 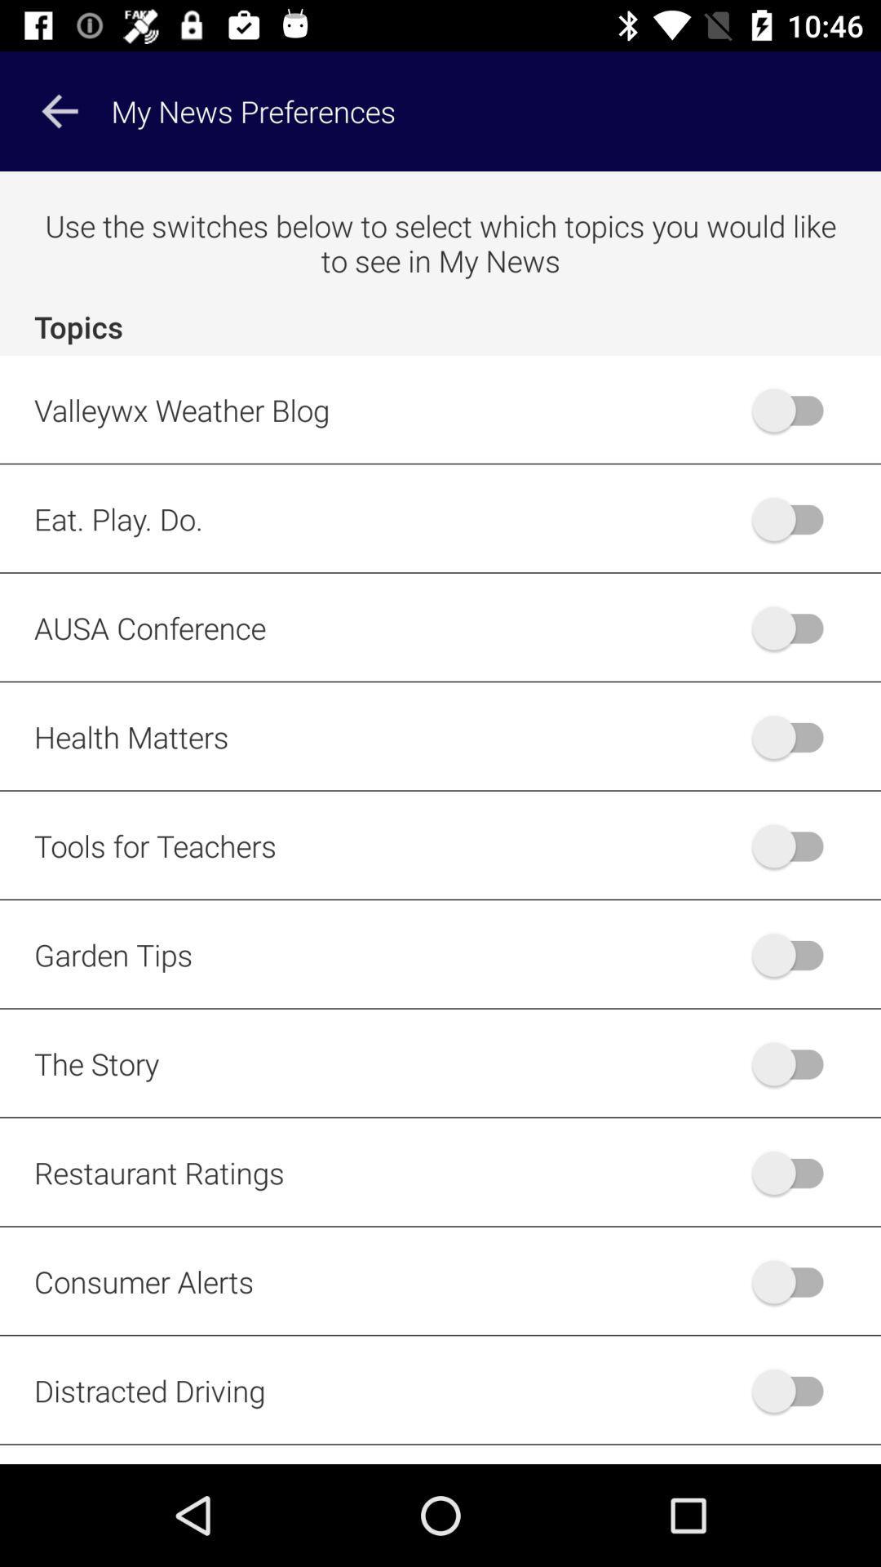 What do you see at coordinates (795, 1390) in the screenshot?
I see `switch distracted driving on` at bounding box center [795, 1390].